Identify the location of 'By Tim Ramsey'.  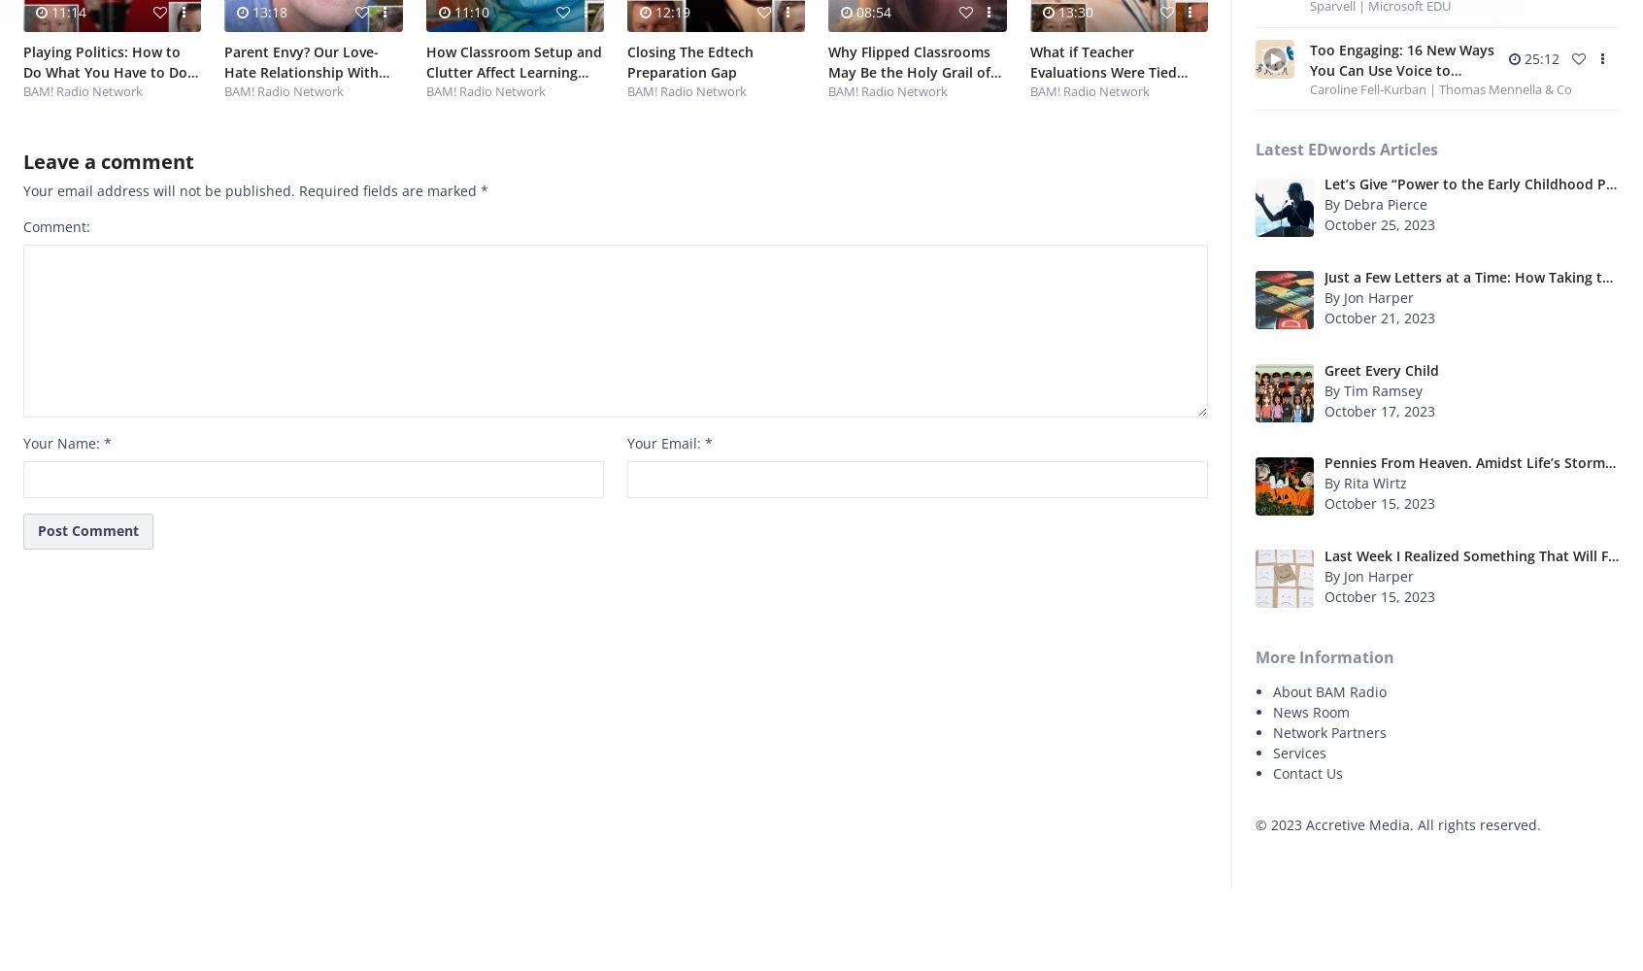
(1371, 389).